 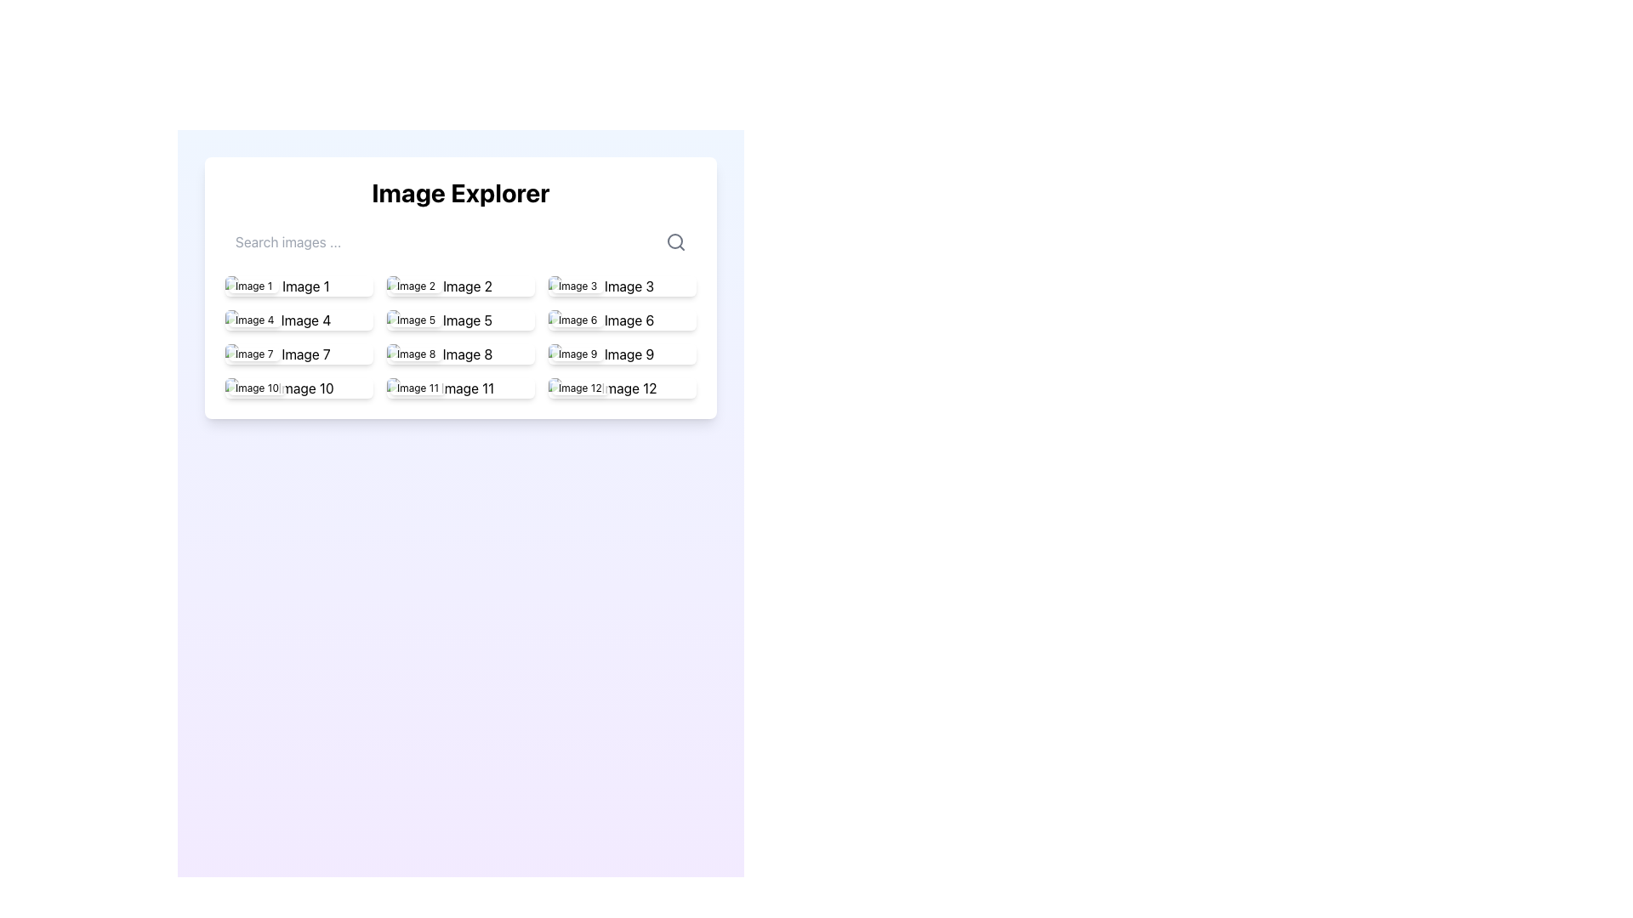 I want to click on the Text label located at the bottom-left of the image thumbnail labeled 'Image 4' in the grid layout of 'Image Explorer', so click(x=253, y=320).